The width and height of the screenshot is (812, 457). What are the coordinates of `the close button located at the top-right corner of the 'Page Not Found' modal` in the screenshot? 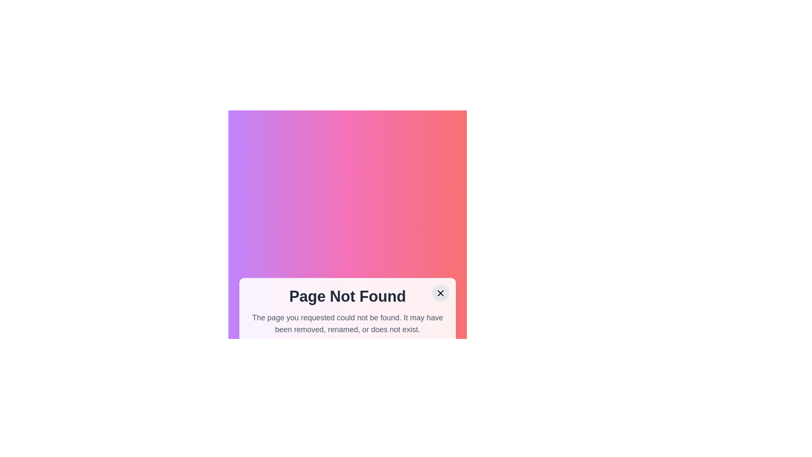 It's located at (440, 292).